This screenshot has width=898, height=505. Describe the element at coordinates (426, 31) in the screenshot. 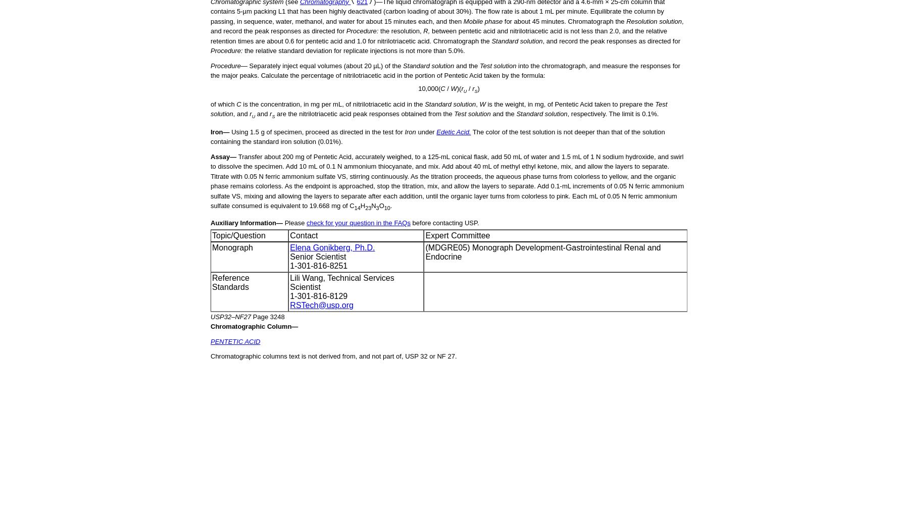

I see `'R,'` at that location.